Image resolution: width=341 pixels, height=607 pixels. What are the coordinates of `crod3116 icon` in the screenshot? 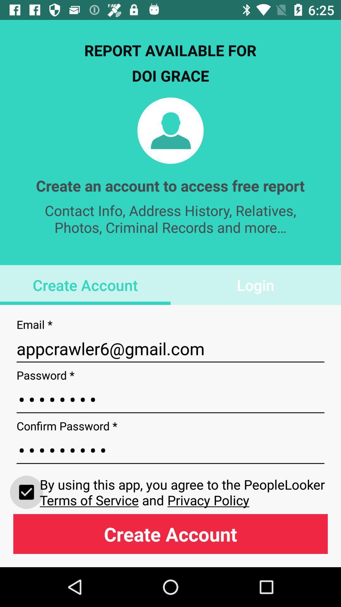 It's located at (170, 399).